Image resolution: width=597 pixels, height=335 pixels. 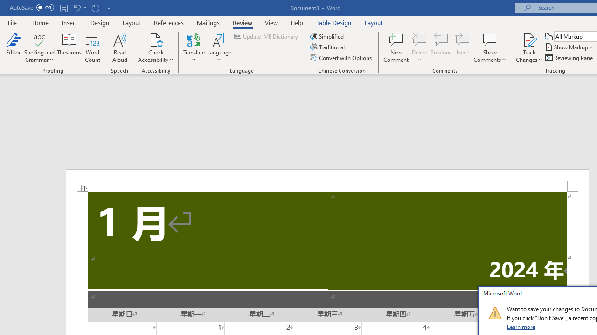 I want to click on 'Show Markup', so click(x=569, y=47).